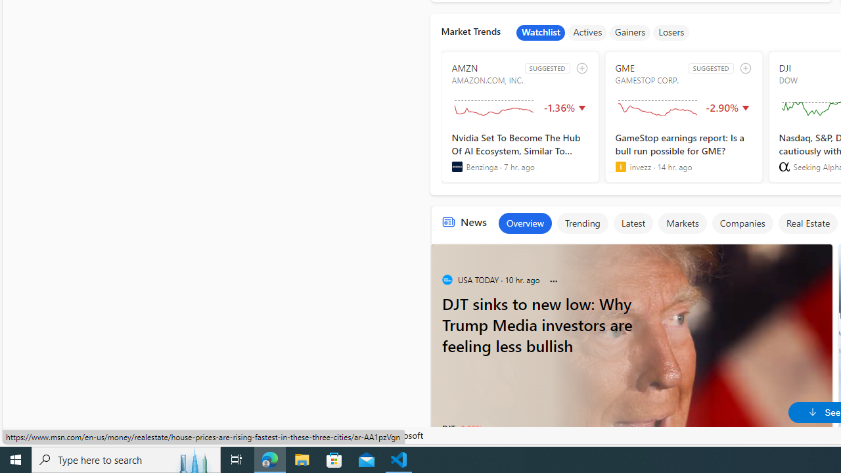 The image size is (841, 473). I want to click on 'Losers', so click(671, 32).